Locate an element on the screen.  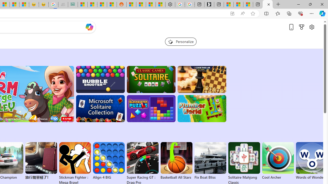
'Align 4 BIG' is located at coordinates (108, 161).